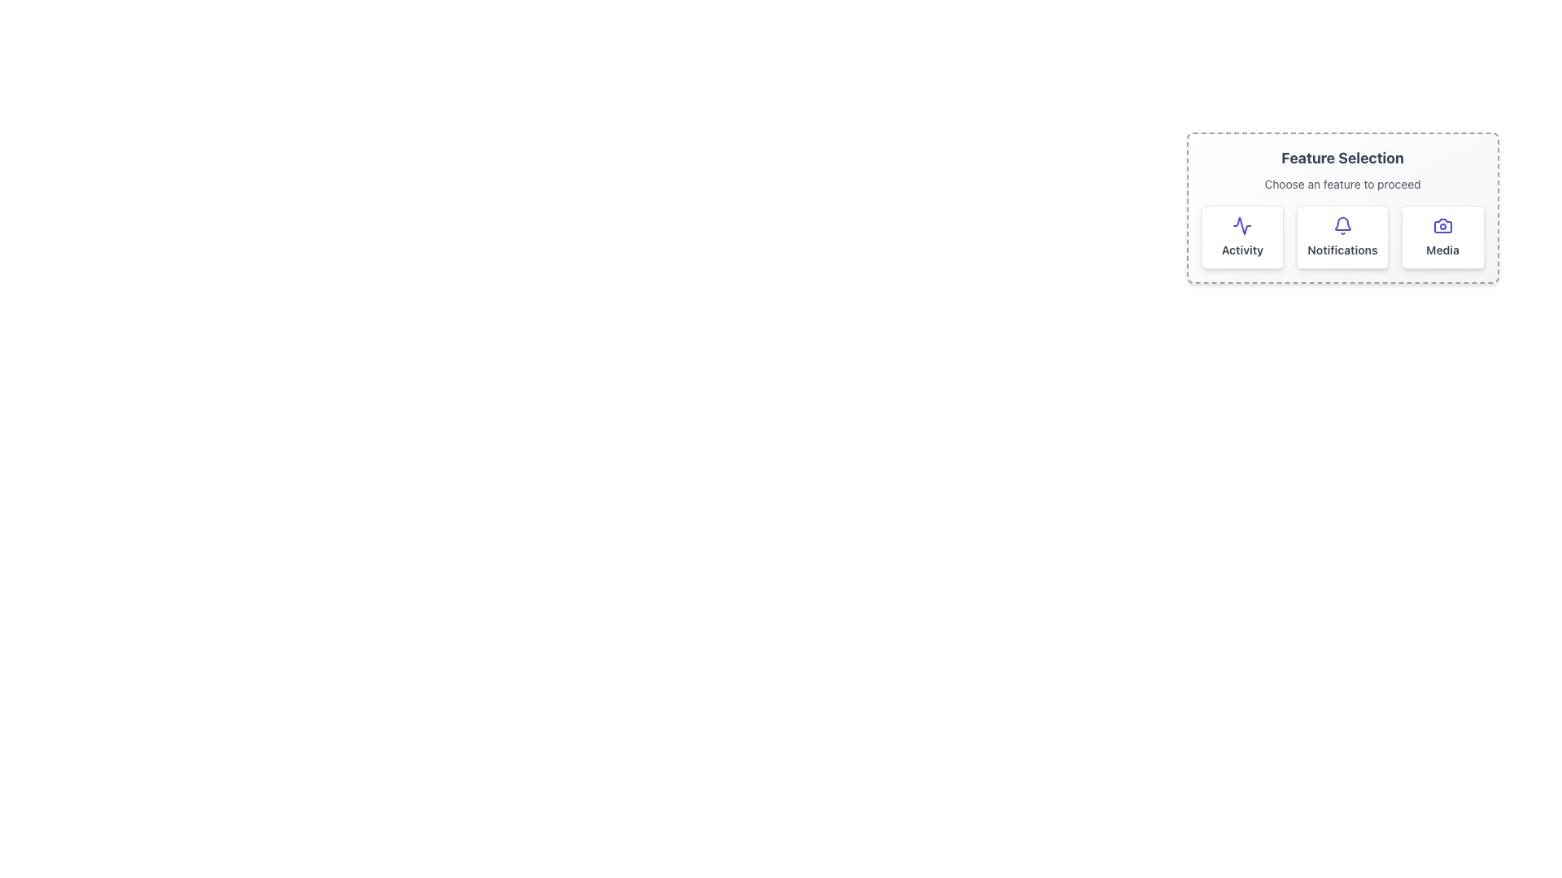 Image resolution: width=1562 pixels, height=878 pixels. What do you see at coordinates (1342, 184) in the screenshot?
I see `the static text element that provides instructions for the selection process, located beneath the heading 'Feature Selection' and above the buttons 'Activity', 'Notifications', and 'Media'` at bounding box center [1342, 184].